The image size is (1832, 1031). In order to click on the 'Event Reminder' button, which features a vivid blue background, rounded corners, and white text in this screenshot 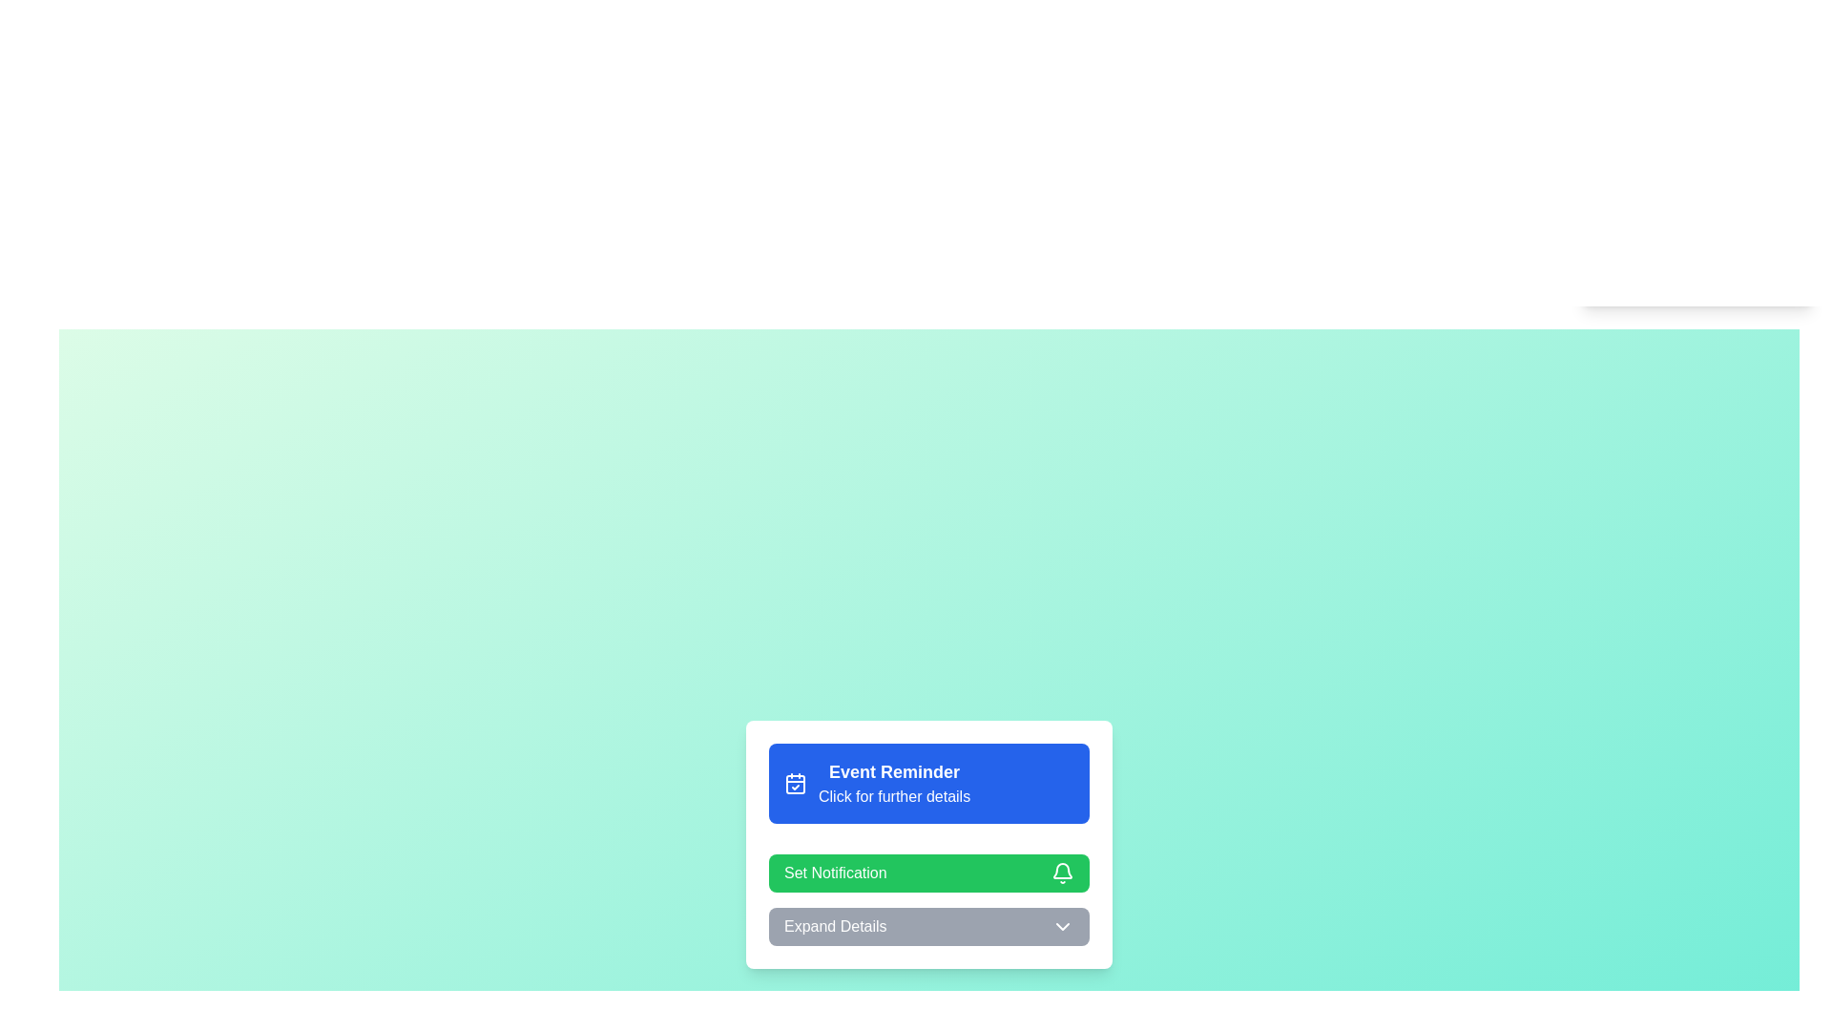, I will do `click(929, 784)`.